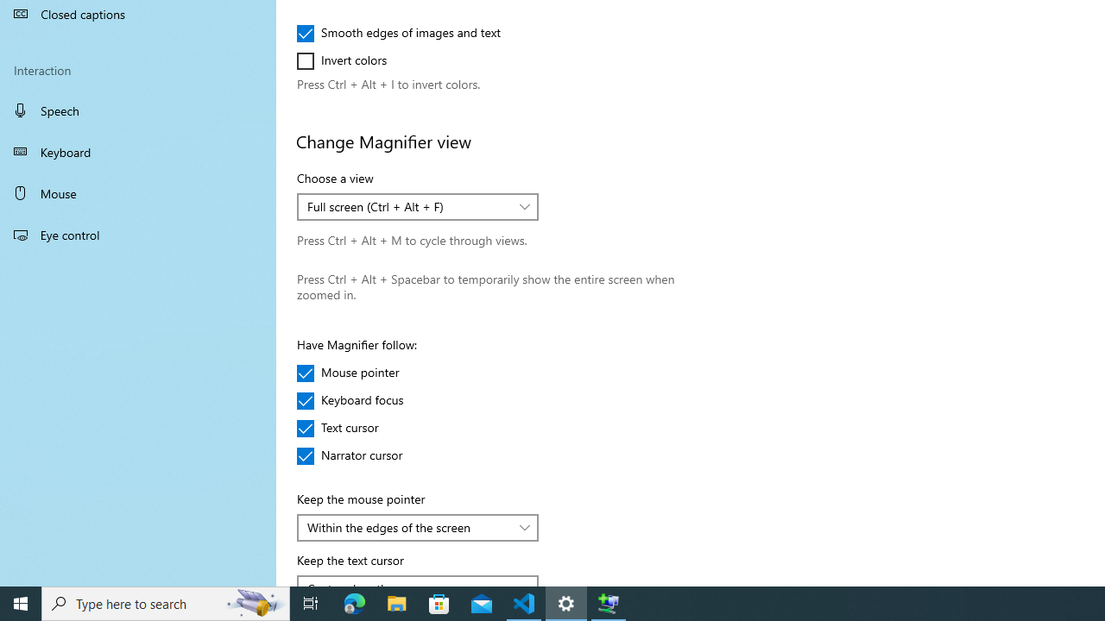 Image resolution: width=1105 pixels, height=621 pixels. I want to click on 'Type here to search', so click(166, 602).